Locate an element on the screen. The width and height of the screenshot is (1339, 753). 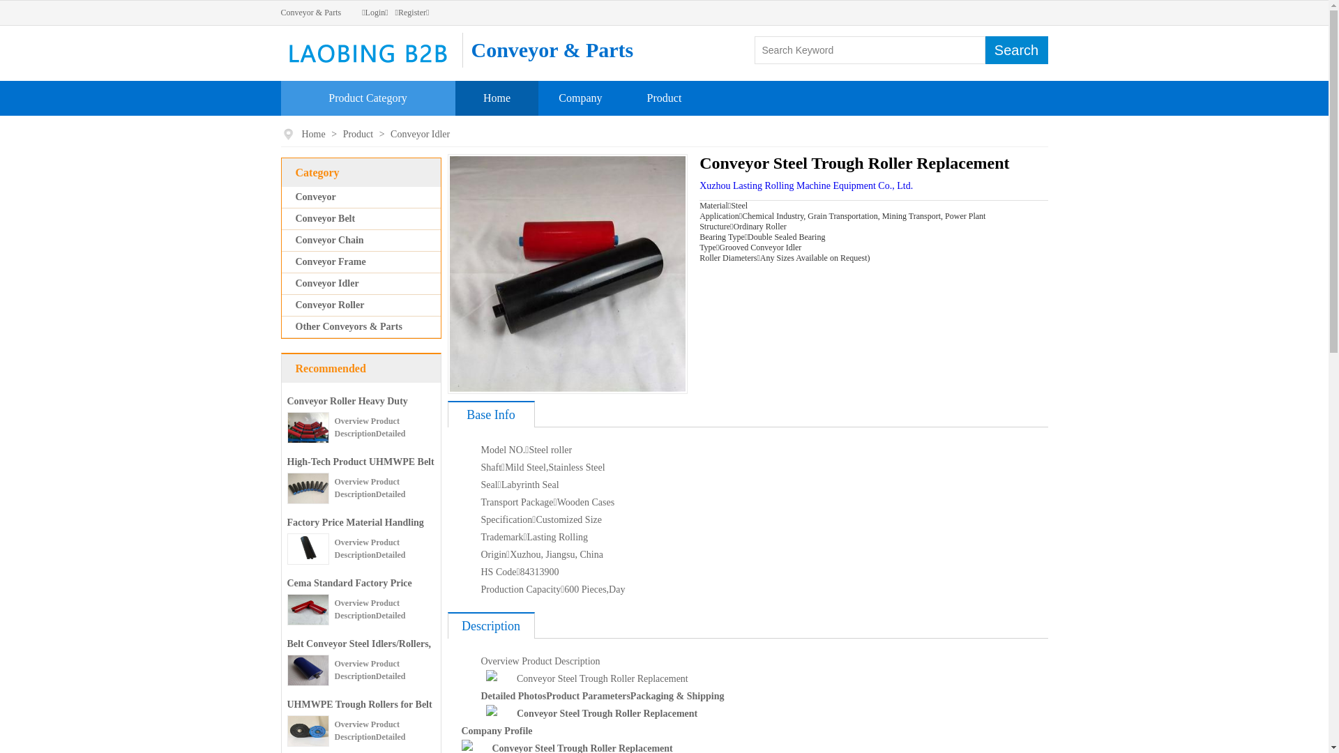
'Conveyor Belt' is located at coordinates (324, 218).